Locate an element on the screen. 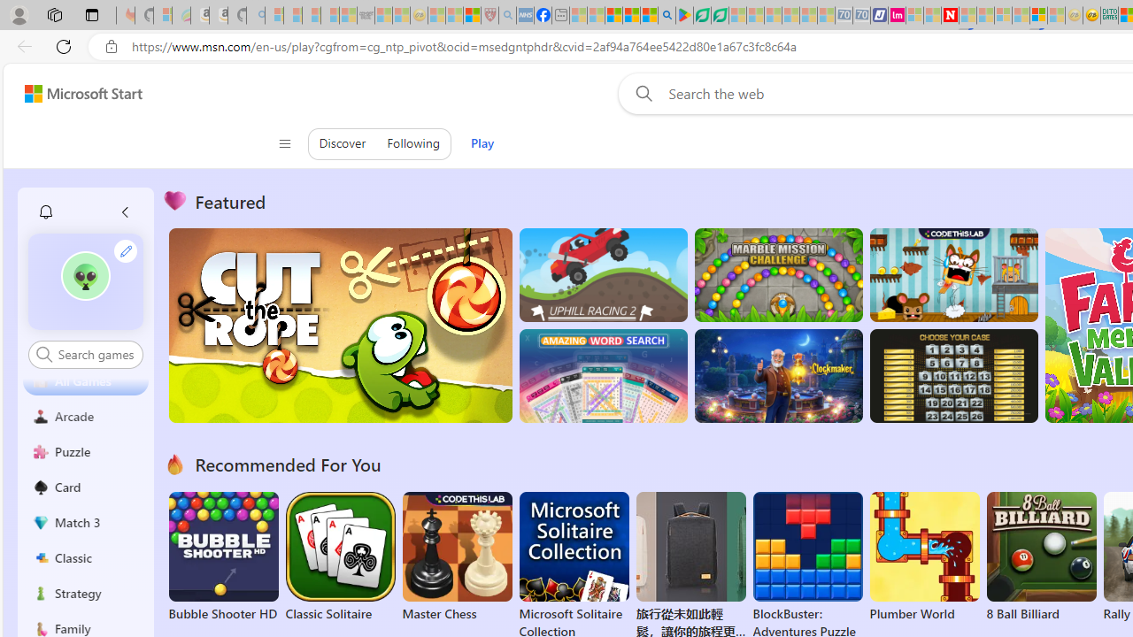 This screenshot has height=637, width=1133. 'Class: control icon-only' is located at coordinates (284, 143).